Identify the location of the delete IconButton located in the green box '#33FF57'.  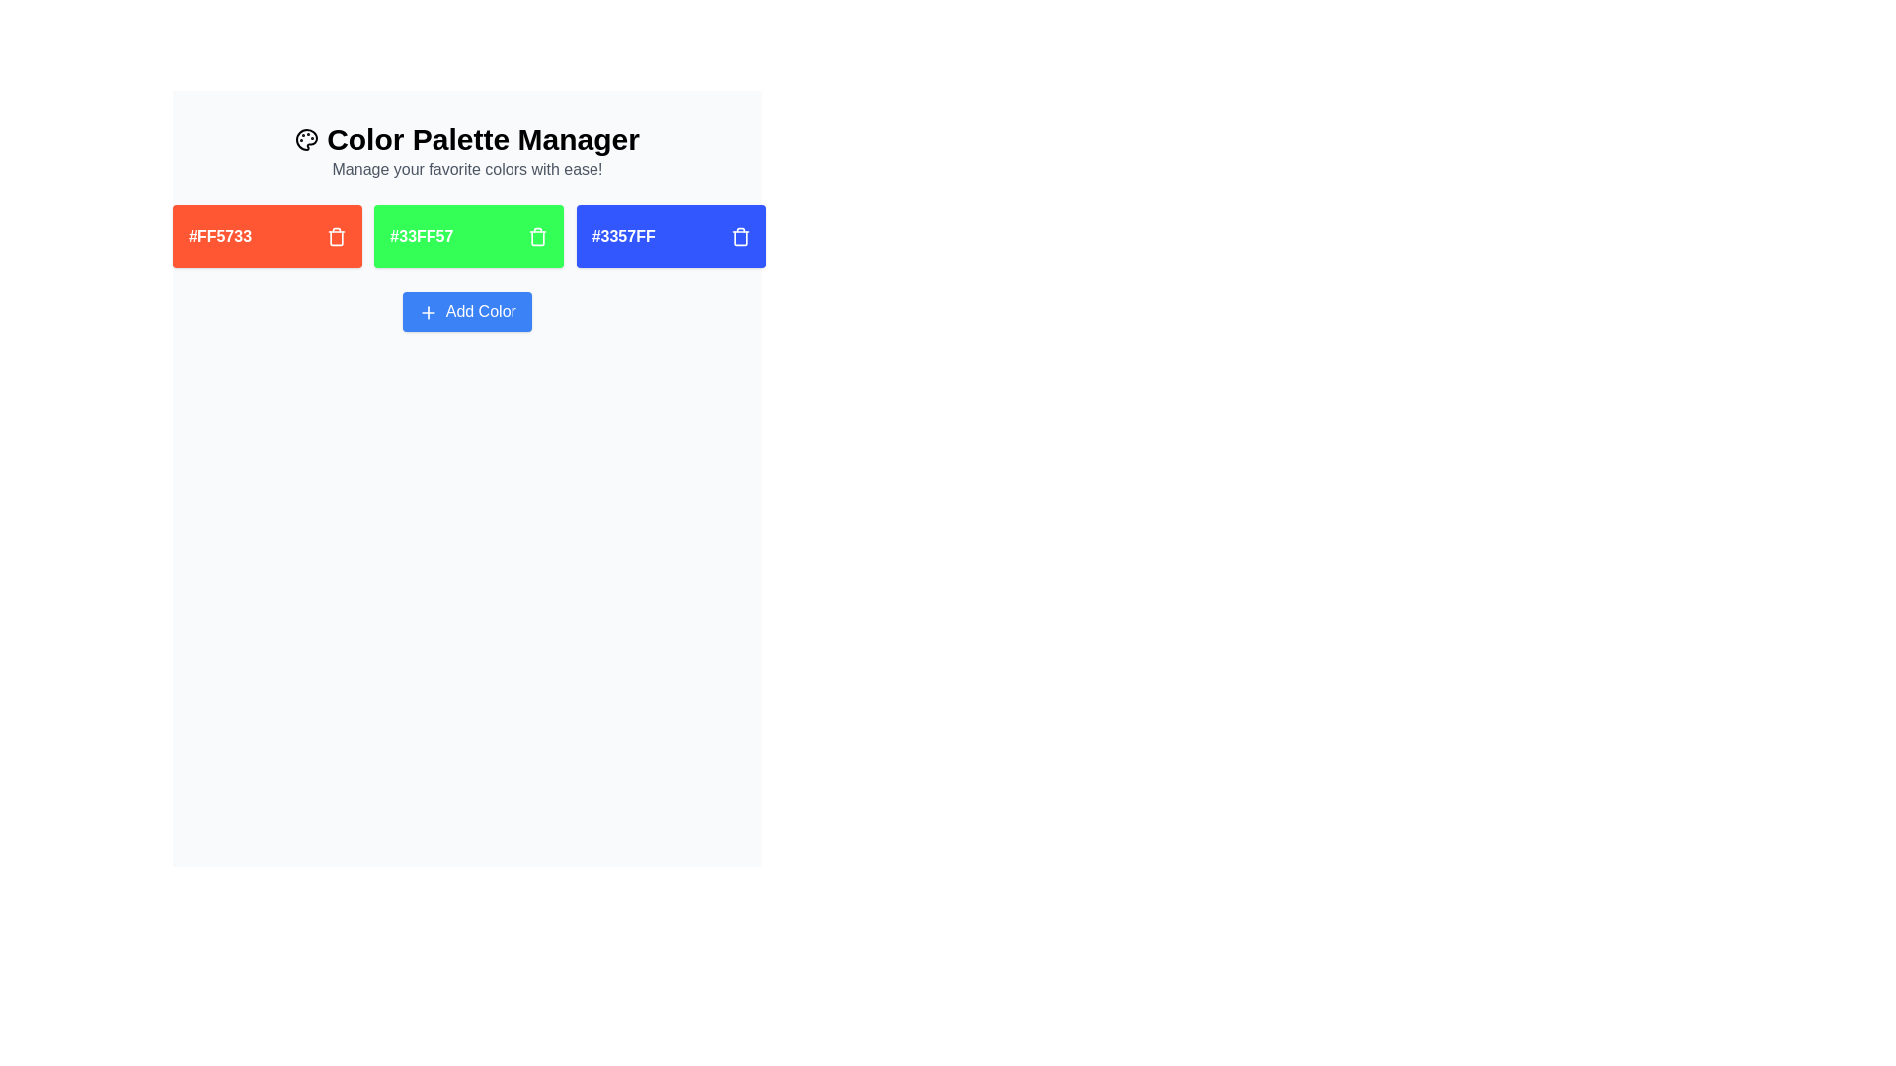
(538, 235).